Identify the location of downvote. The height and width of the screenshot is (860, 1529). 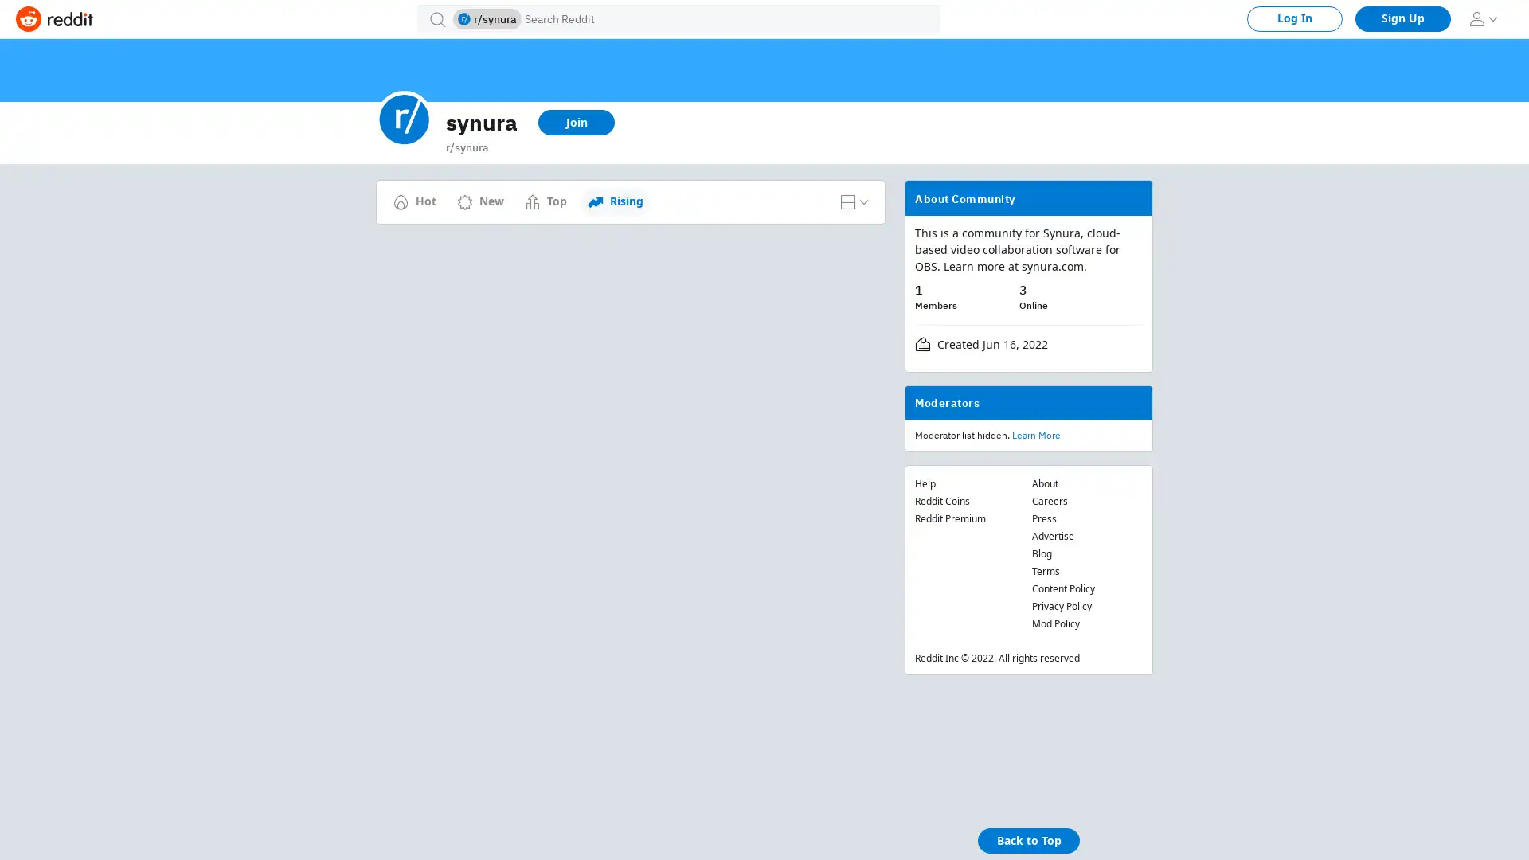
(393, 291).